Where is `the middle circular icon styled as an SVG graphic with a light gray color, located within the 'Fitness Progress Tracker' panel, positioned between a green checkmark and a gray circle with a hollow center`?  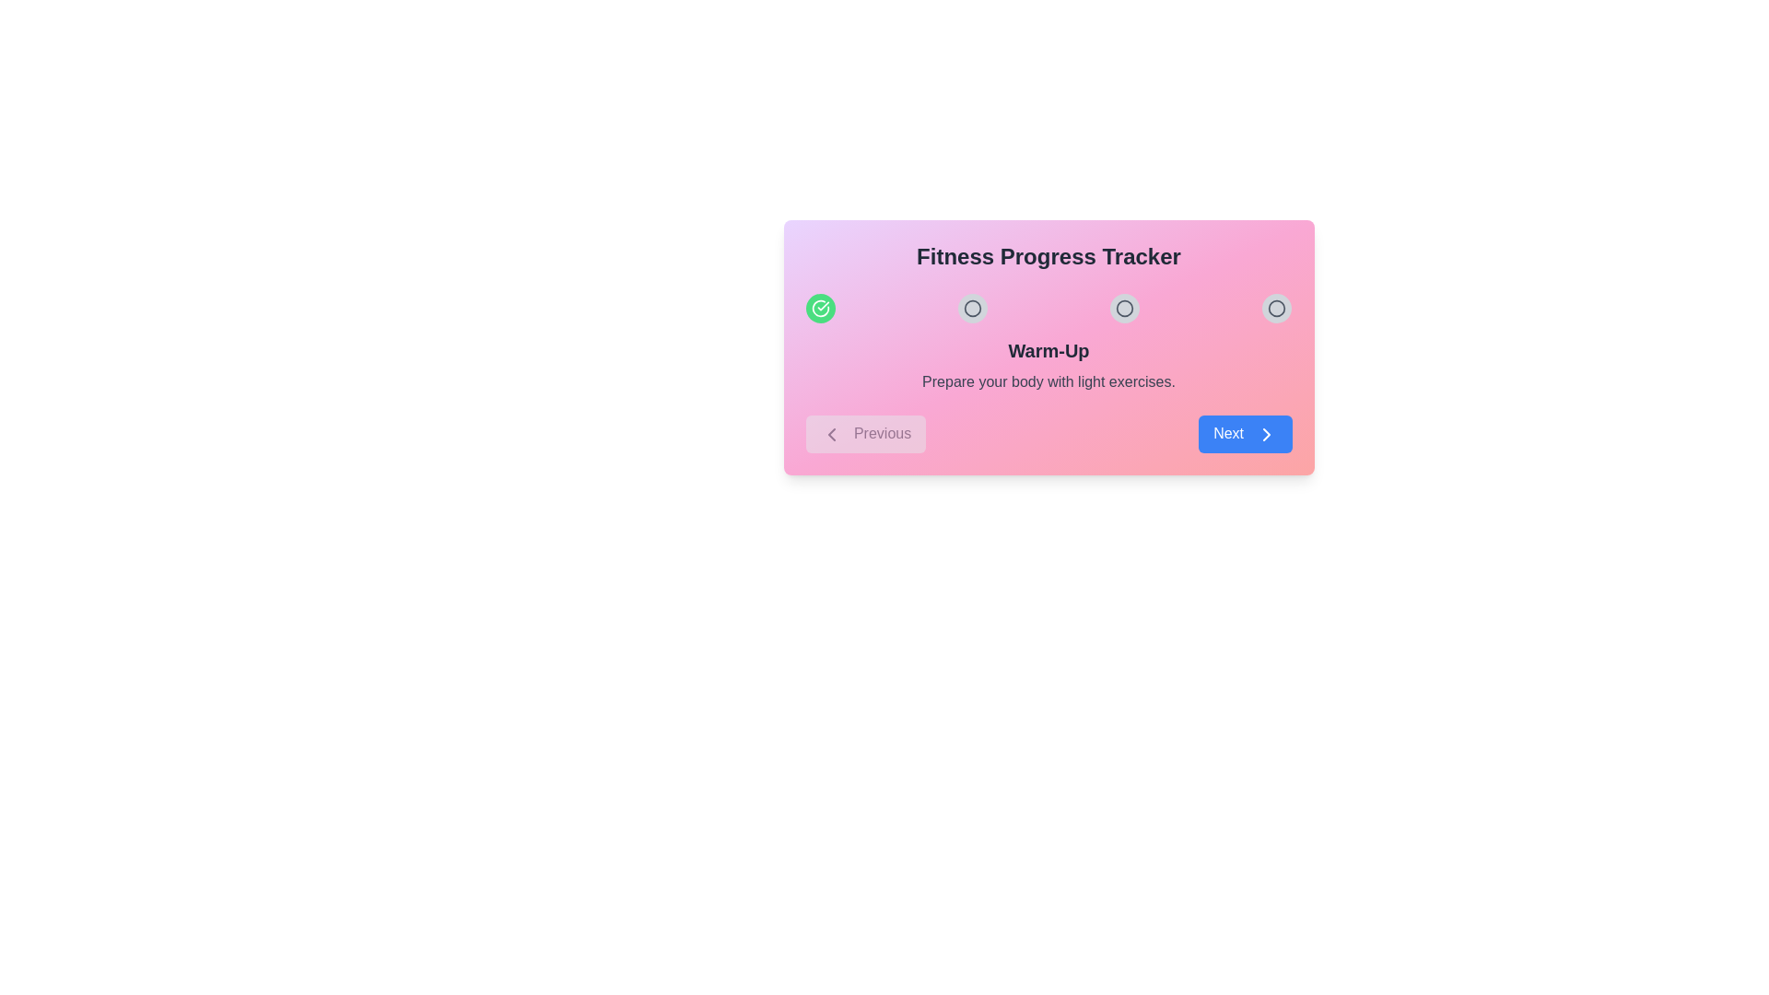 the middle circular icon styled as an SVG graphic with a light gray color, located within the 'Fitness Progress Tracker' panel, positioned between a green checkmark and a gray circle with a hollow center is located at coordinates (1124, 308).